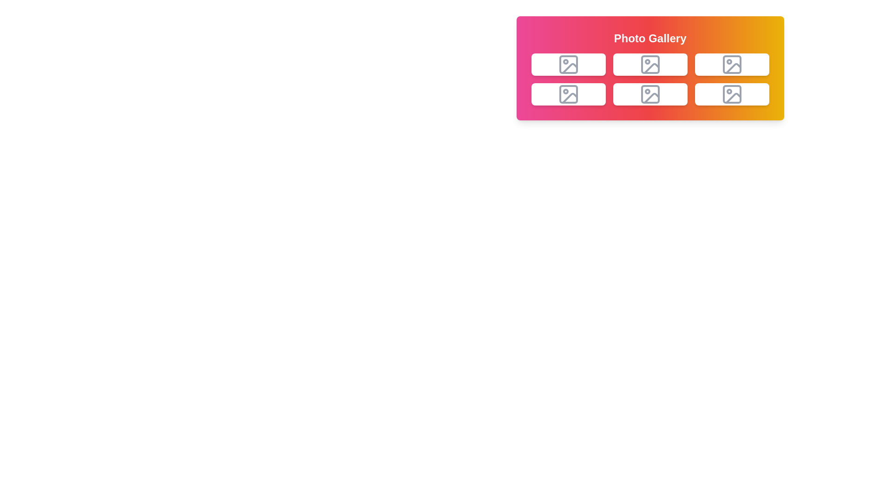 This screenshot has height=502, width=892. What do you see at coordinates (649, 94) in the screenshot?
I see `the image placeholder icon located in the second row, third column of the grid in the 'Photo Gallery' section` at bounding box center [649, 94].